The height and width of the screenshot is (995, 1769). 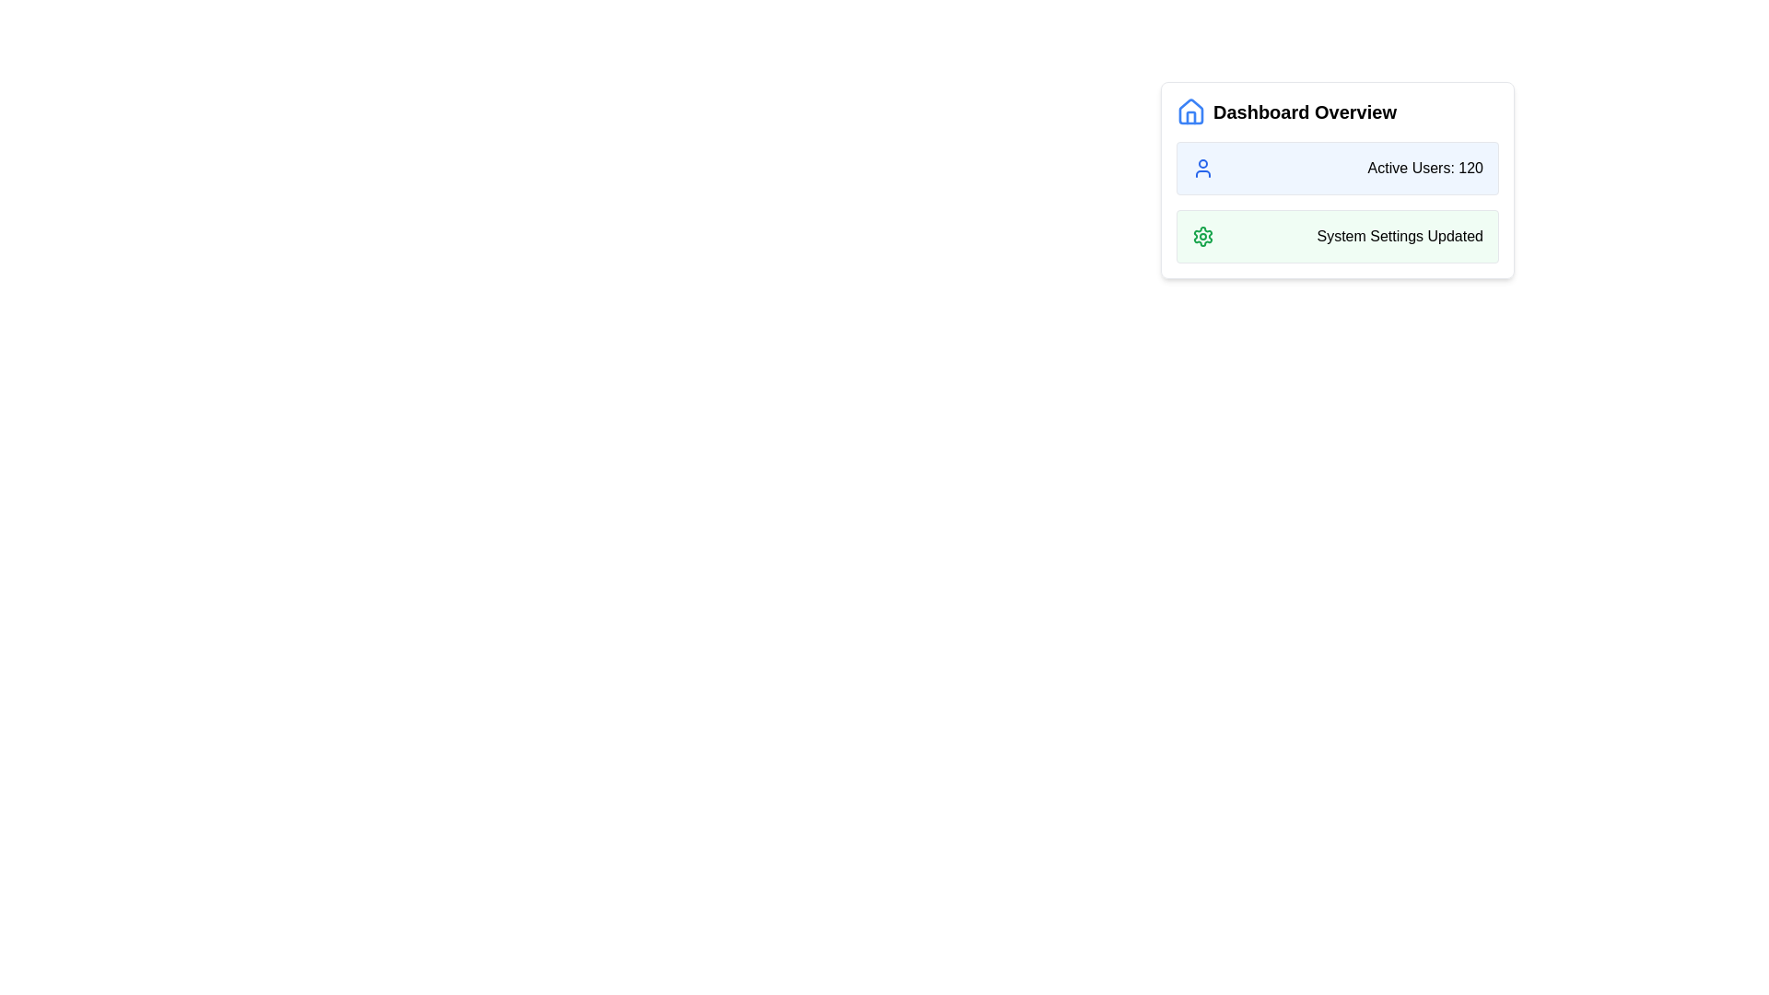 I want to click on the gear icon representing system settings located within the 'Dashboard Overview' card, positioned below the blue user icon, so click(x=1202, y=236).